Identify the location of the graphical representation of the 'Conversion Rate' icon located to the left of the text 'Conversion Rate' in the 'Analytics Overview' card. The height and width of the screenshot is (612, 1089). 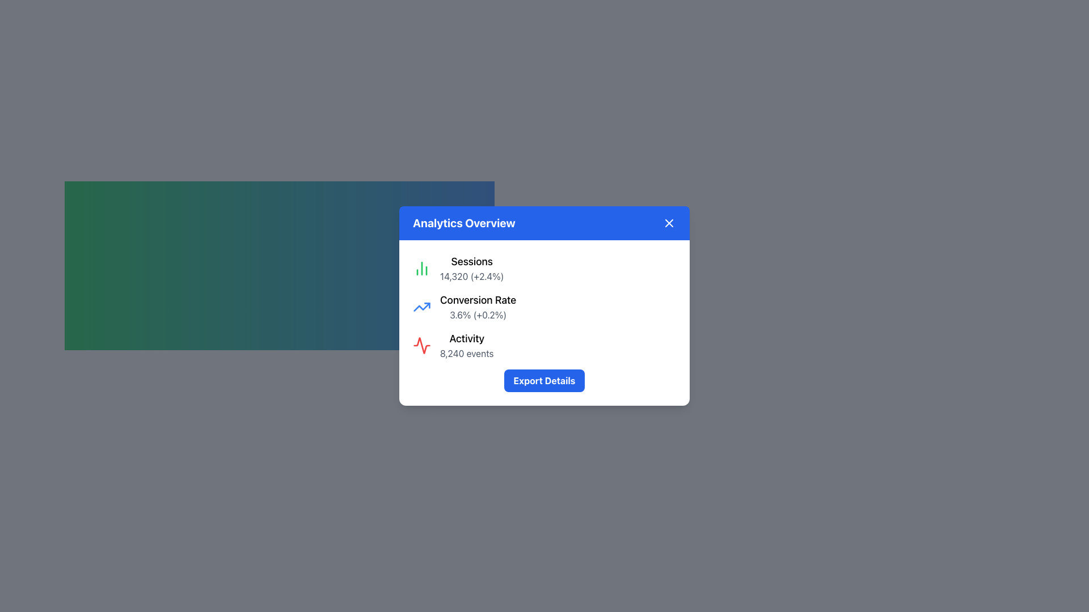
(421, 307).